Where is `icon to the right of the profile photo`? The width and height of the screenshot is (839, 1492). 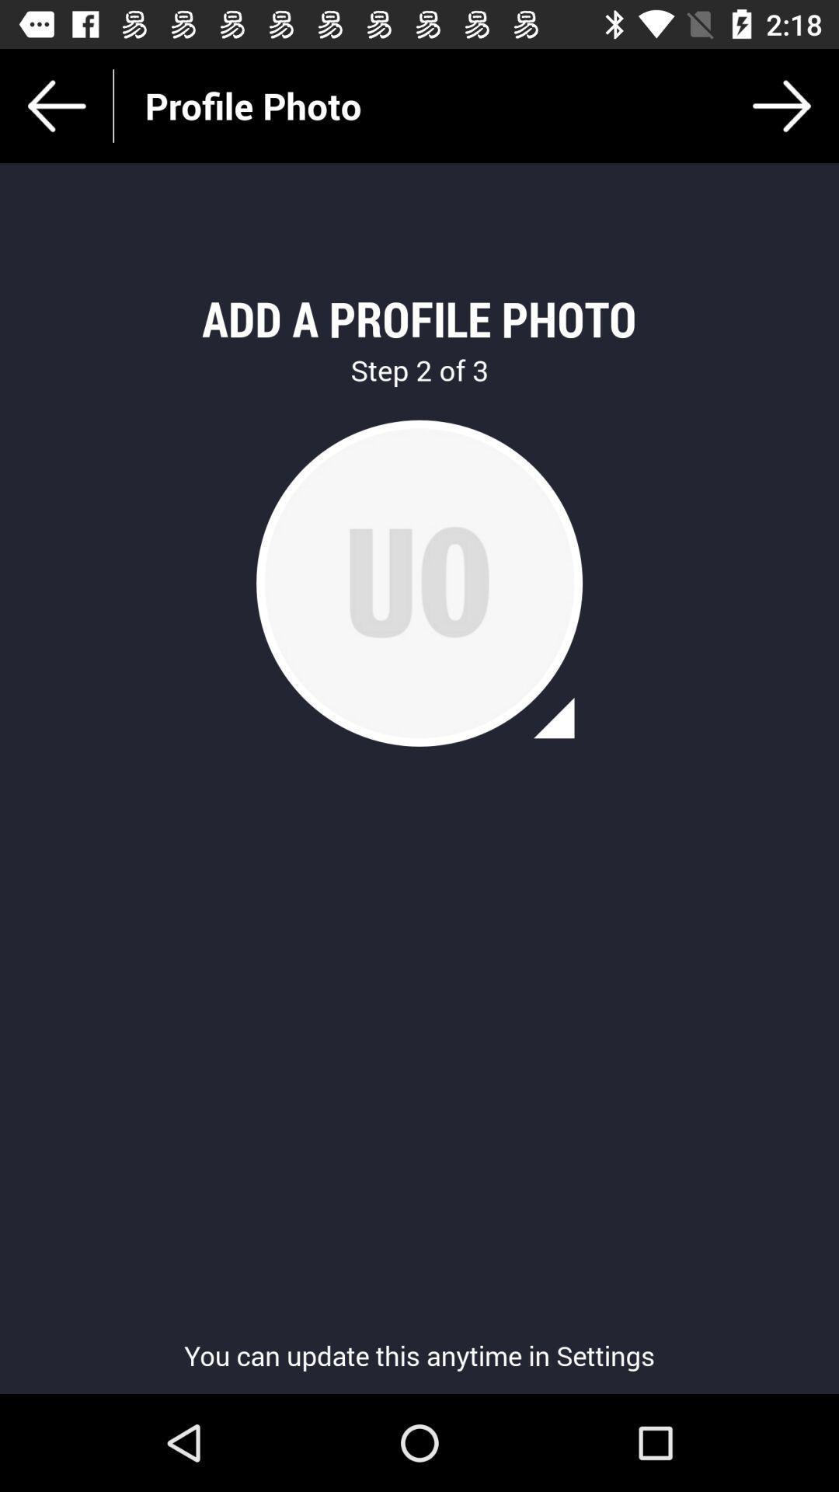
icon to the right of the profile photo is located at coordinates (782, 105).